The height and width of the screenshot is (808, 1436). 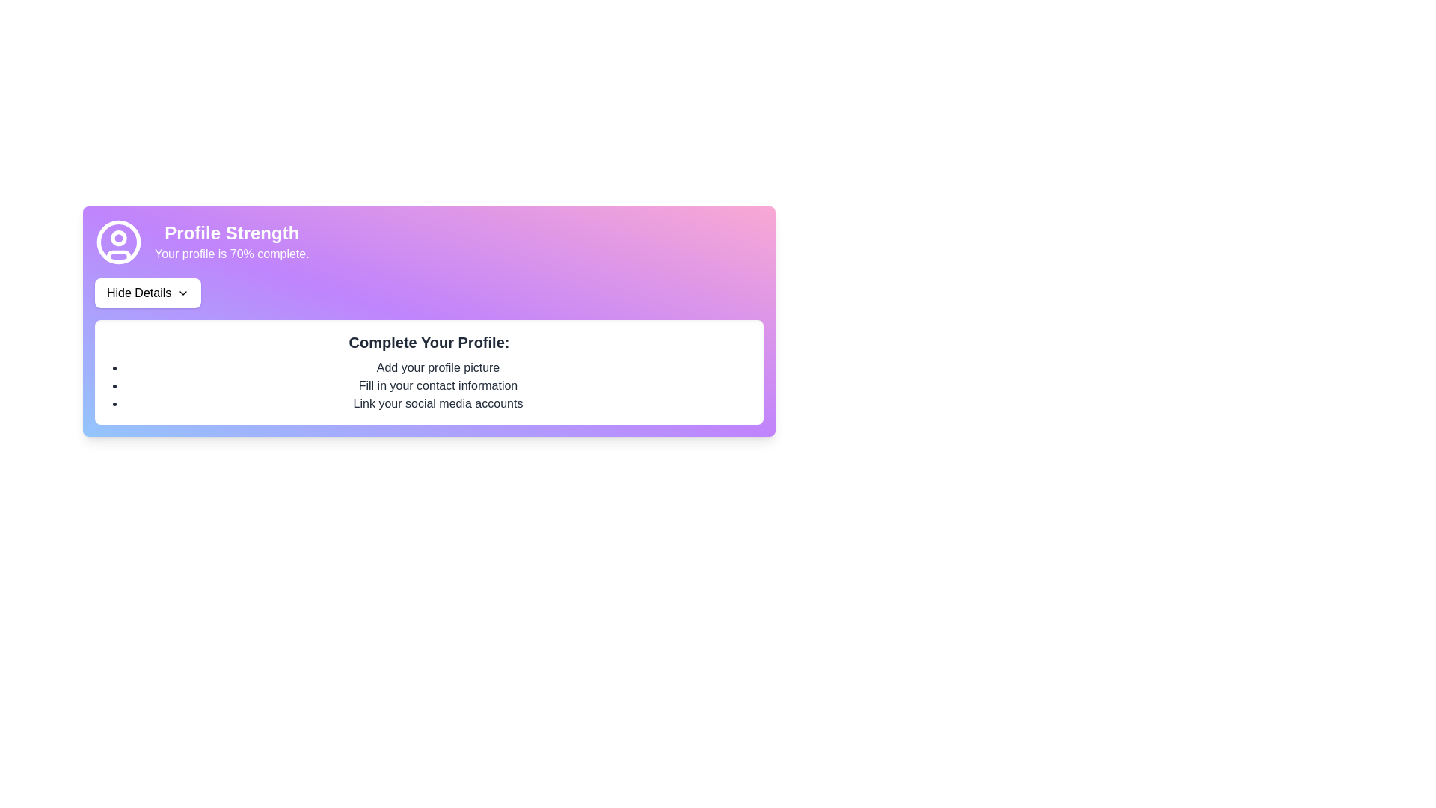 I want to click on the text element stating 'Link your social media accounts', which is the third item in a bulleted checklist under 'Complete Your Profile:', so click(x=437, y=404).